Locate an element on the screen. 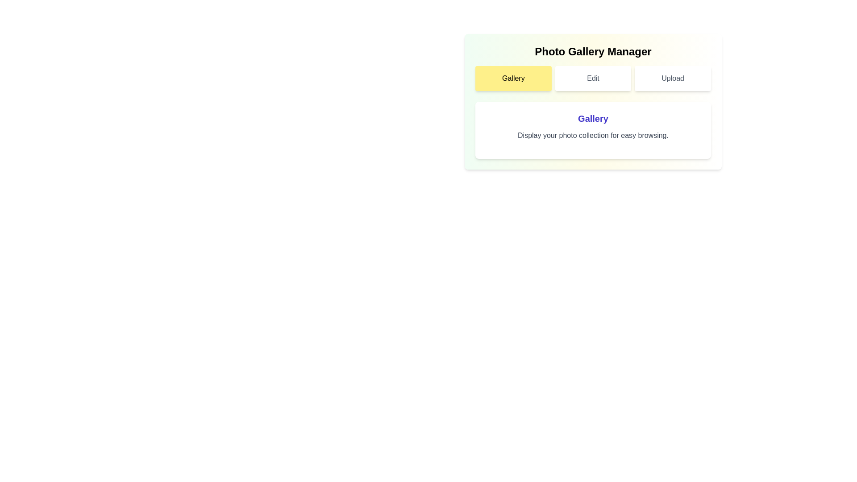  the third button in the horizontal layout below the 'Photo Gallery Manager' heading is located at coordinates (673, 78).